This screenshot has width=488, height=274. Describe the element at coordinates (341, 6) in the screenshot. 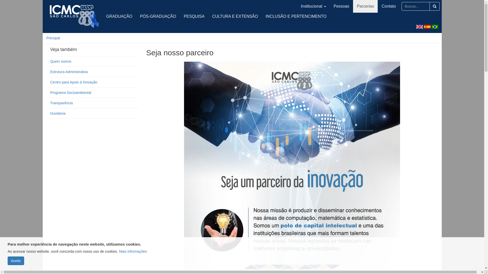

I see `'Pessoas'` at that location.